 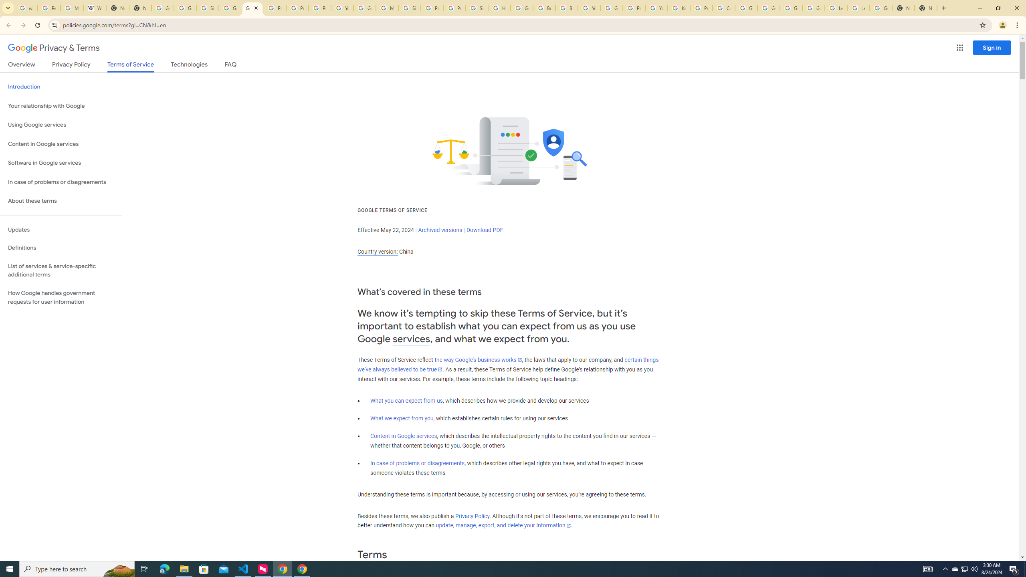 What do you see at coordinates (407, 400) in the screenshot?
I see `'What you can expect from us'` at bounding box center [407, 400].